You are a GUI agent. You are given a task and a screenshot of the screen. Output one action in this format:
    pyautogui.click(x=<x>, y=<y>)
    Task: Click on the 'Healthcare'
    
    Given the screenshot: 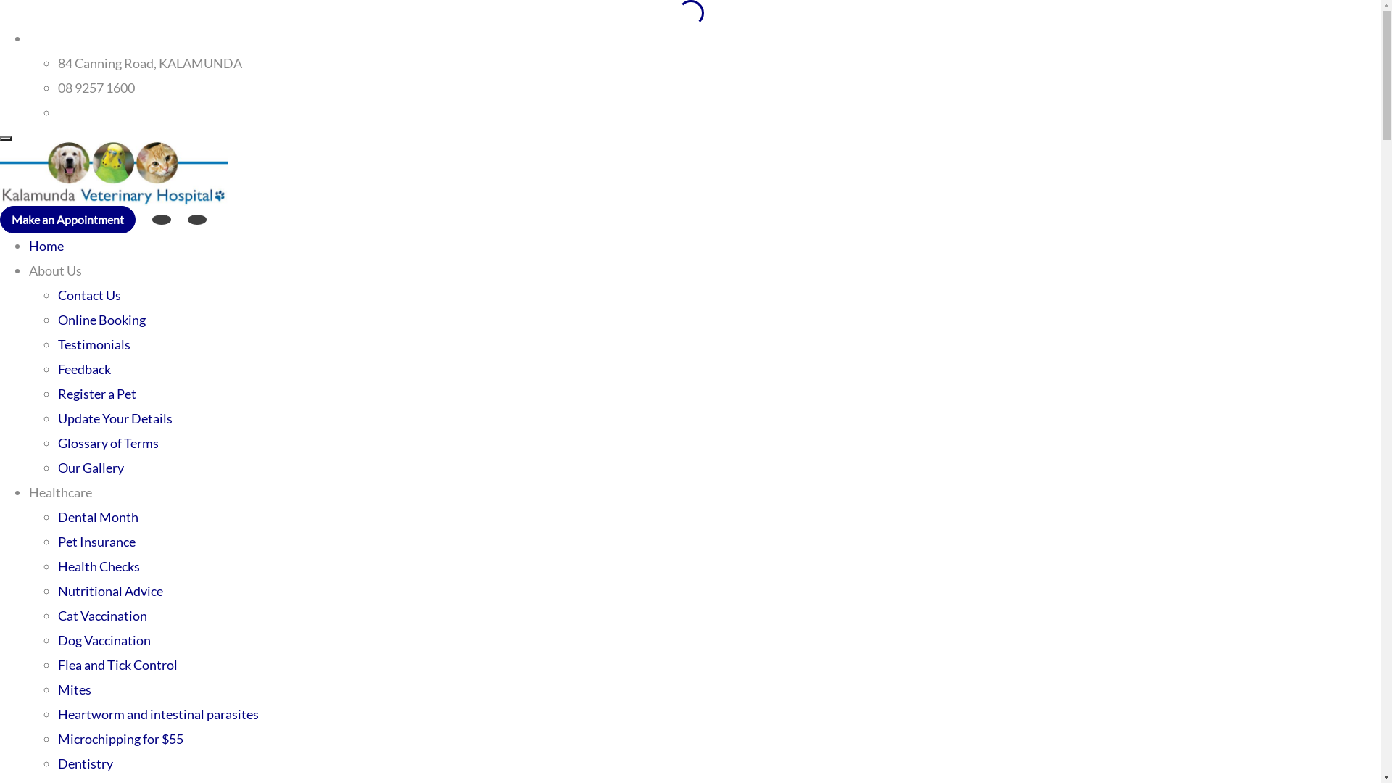 What is the action you would take?
    pyautogui.click(x=59, y=491)
    